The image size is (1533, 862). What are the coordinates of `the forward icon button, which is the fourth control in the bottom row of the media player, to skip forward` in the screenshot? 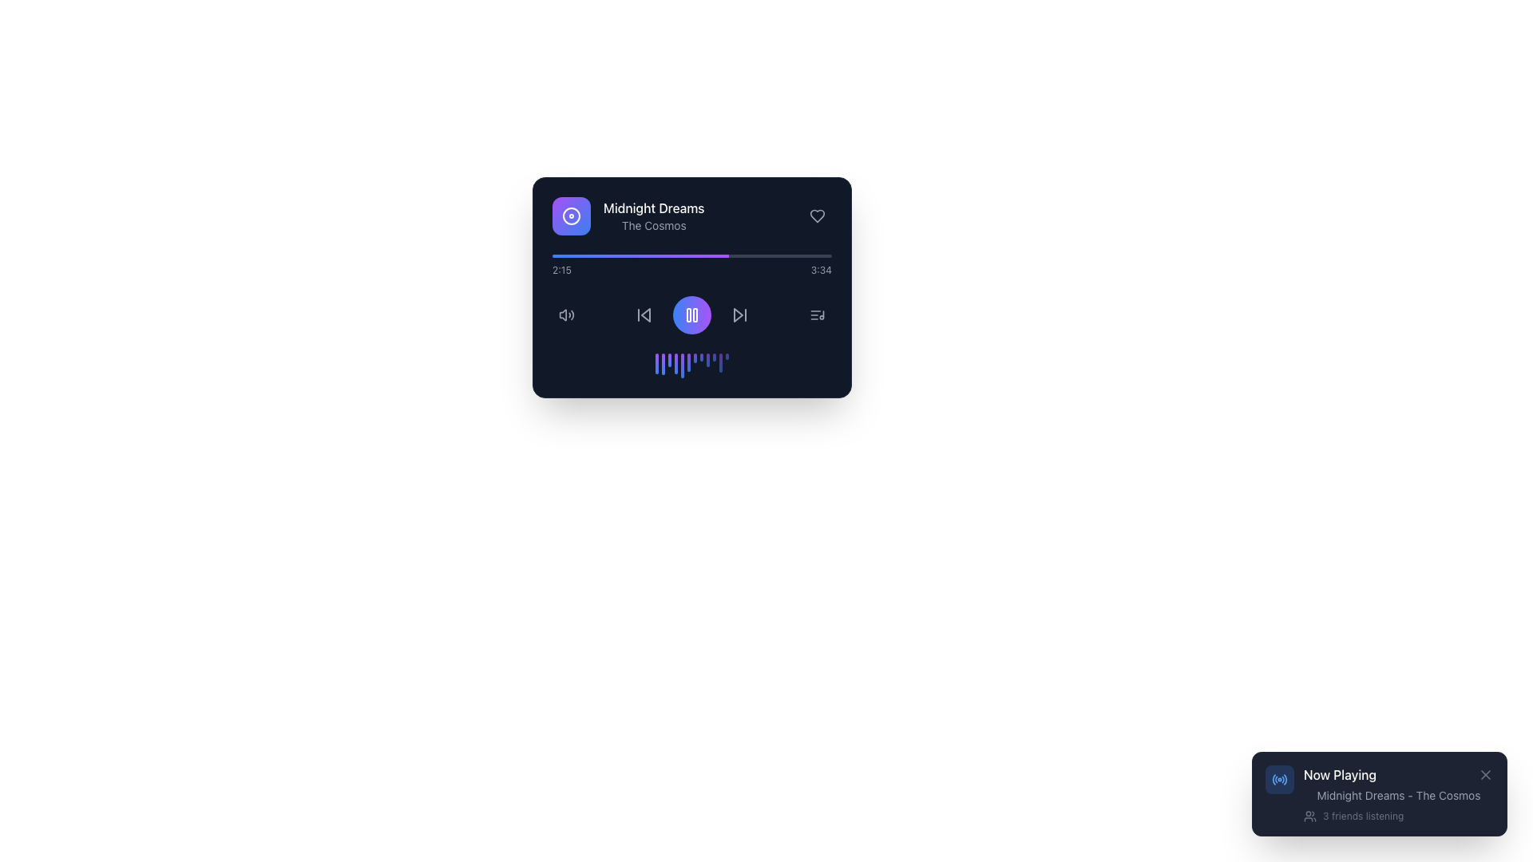 It's located at (739, 314).